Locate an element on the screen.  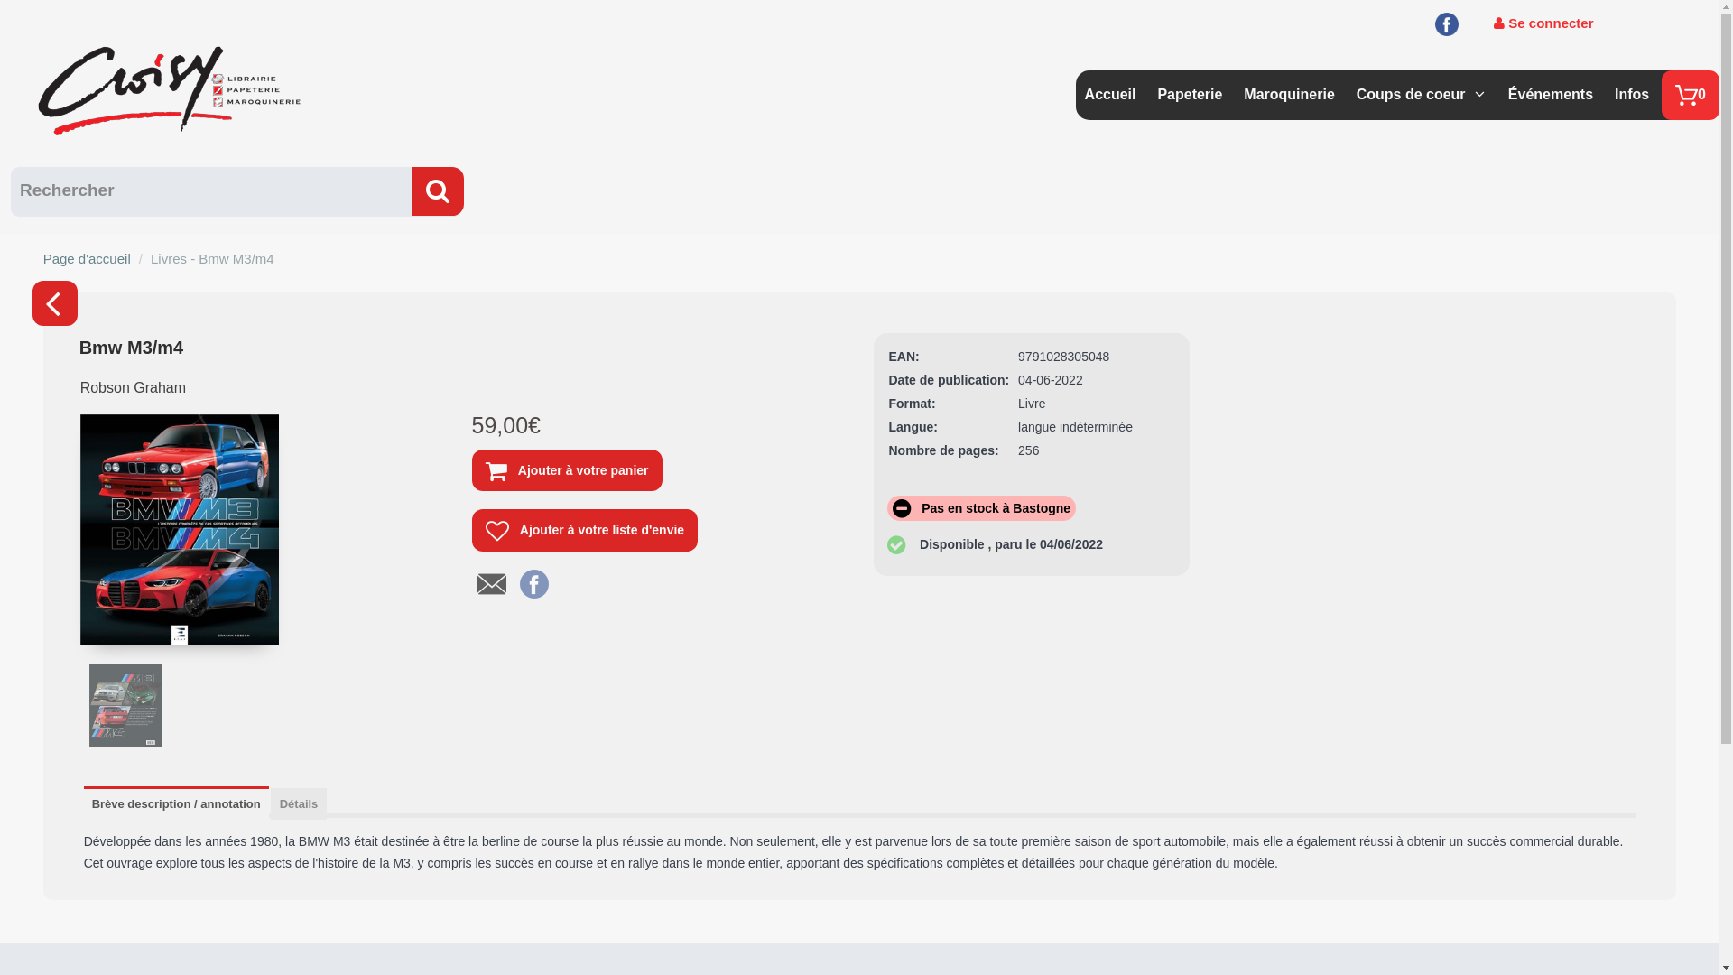
'Robson Graham' is located at coordinates (73, 395).